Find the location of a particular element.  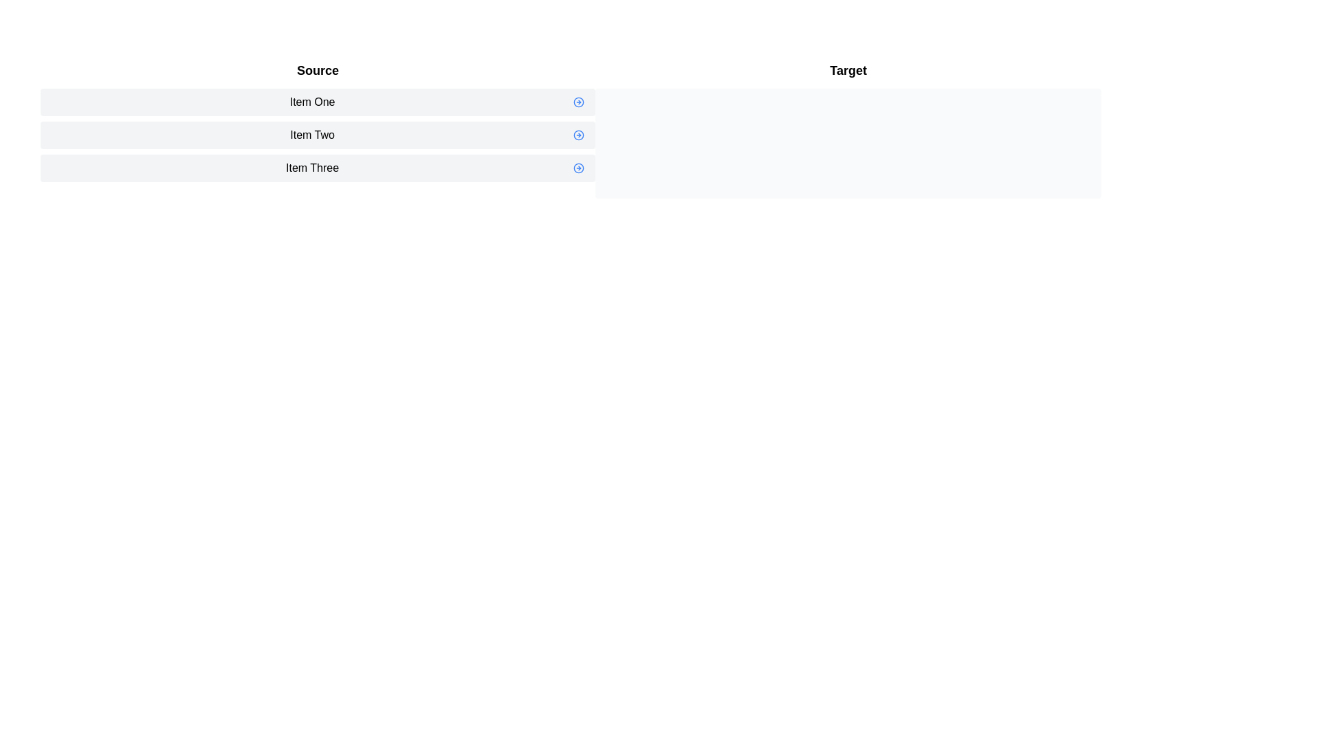

the circular blue button with a right-pointing arrow located to the right of the label 'Item Three' in the interface is located at coordinates (579, 168).